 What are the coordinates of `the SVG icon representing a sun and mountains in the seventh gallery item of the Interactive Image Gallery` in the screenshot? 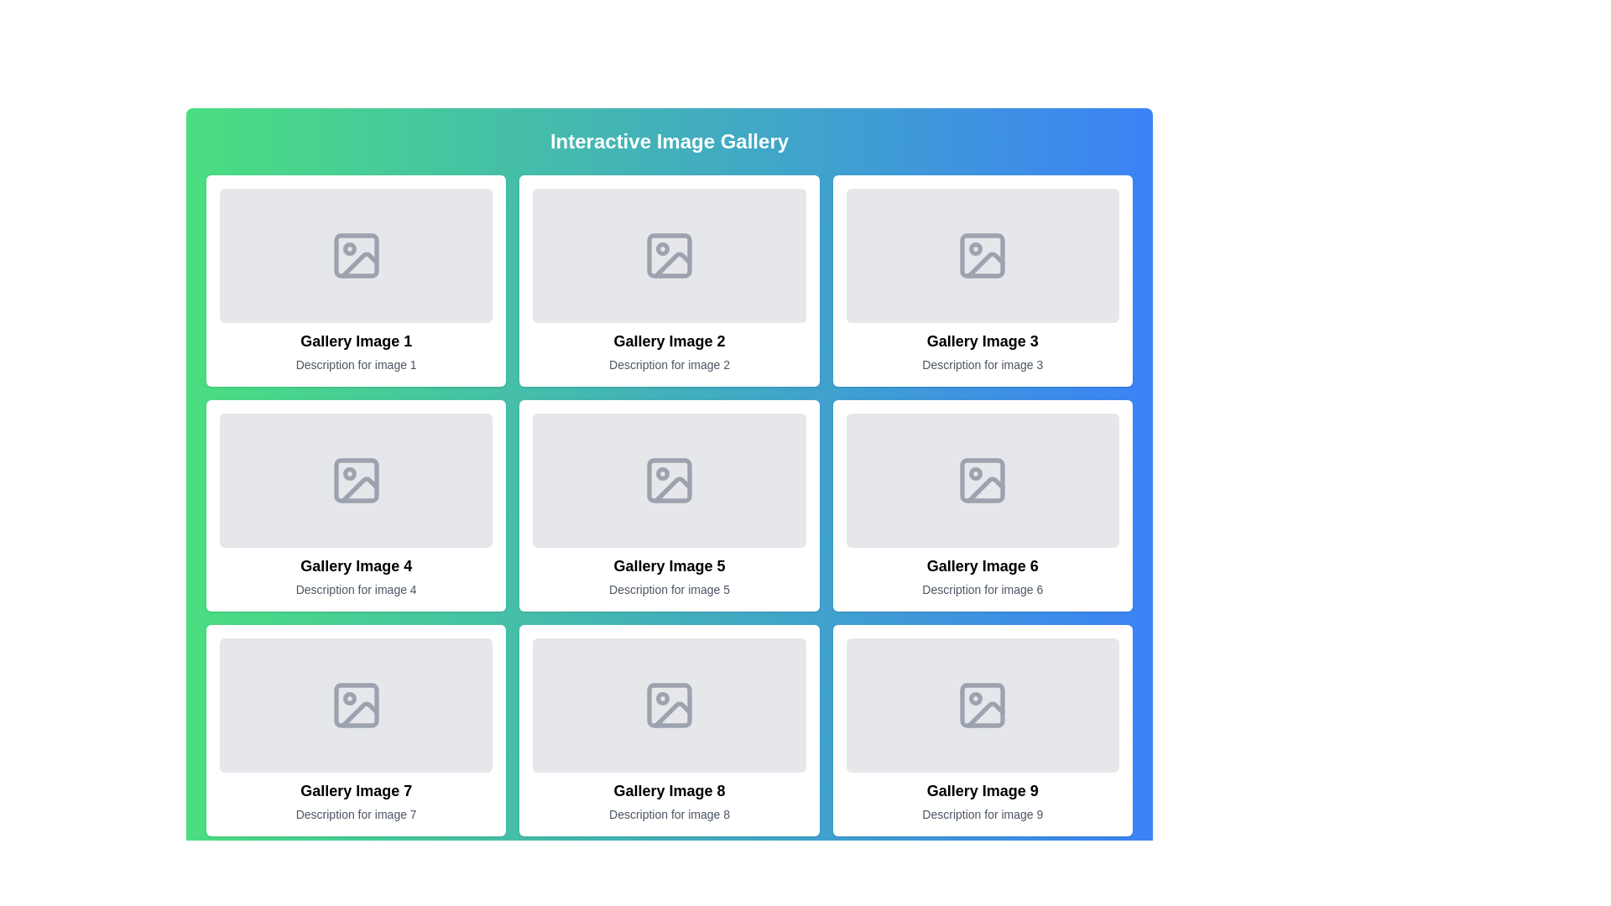 It's located at (355, 705).